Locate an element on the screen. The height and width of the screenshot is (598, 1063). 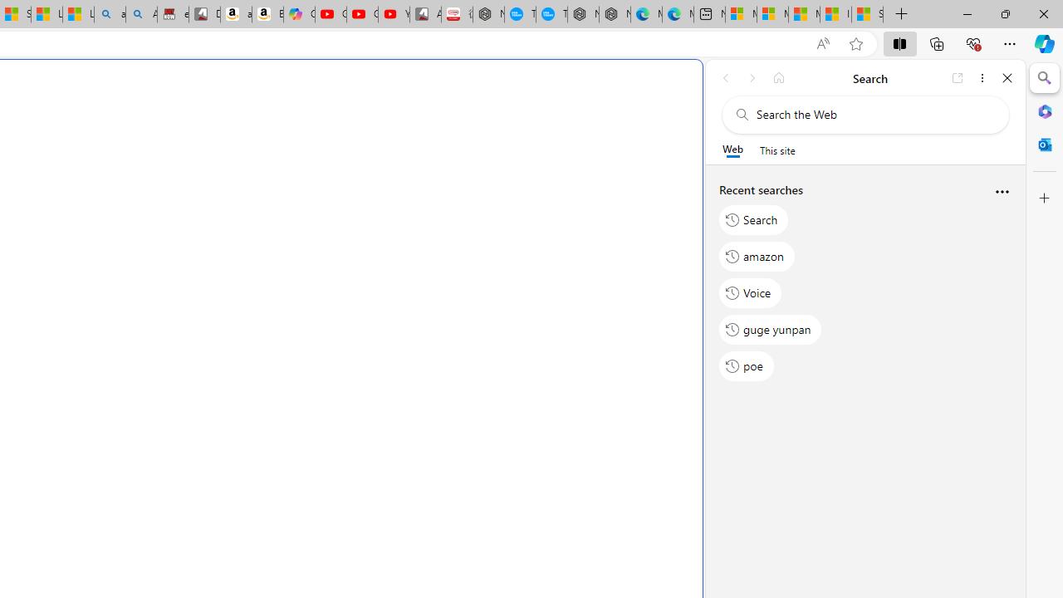
'Customize' is located at coordinates (1044, 198).